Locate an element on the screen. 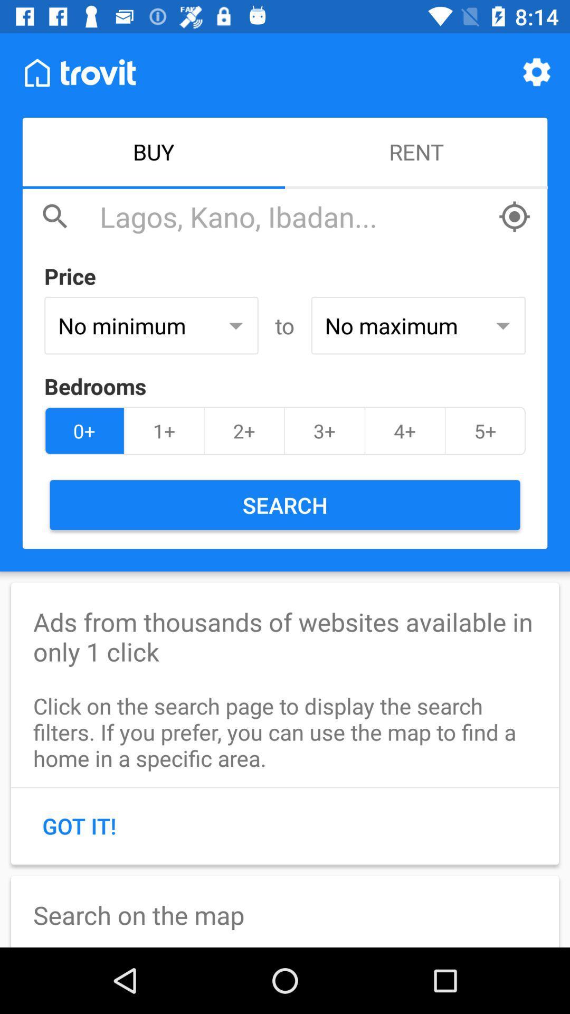  item below bedrooms icon is located at coordinates (244, 431).